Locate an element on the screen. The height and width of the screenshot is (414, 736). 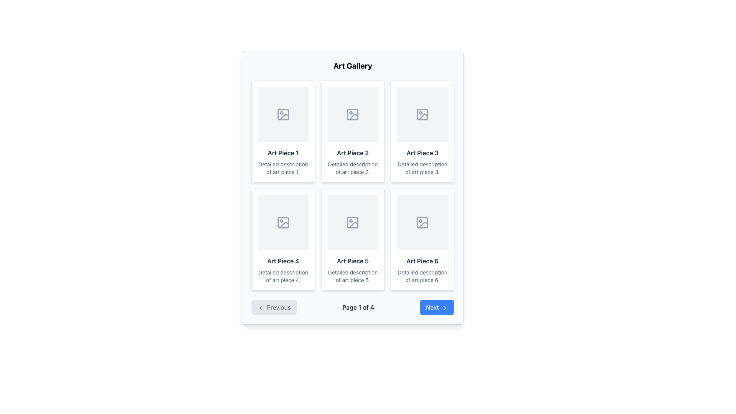
icon representing an image in the 'Art Piece 2' section of the second card in the top row of the gallery grid is located at coordinates (353, 117).